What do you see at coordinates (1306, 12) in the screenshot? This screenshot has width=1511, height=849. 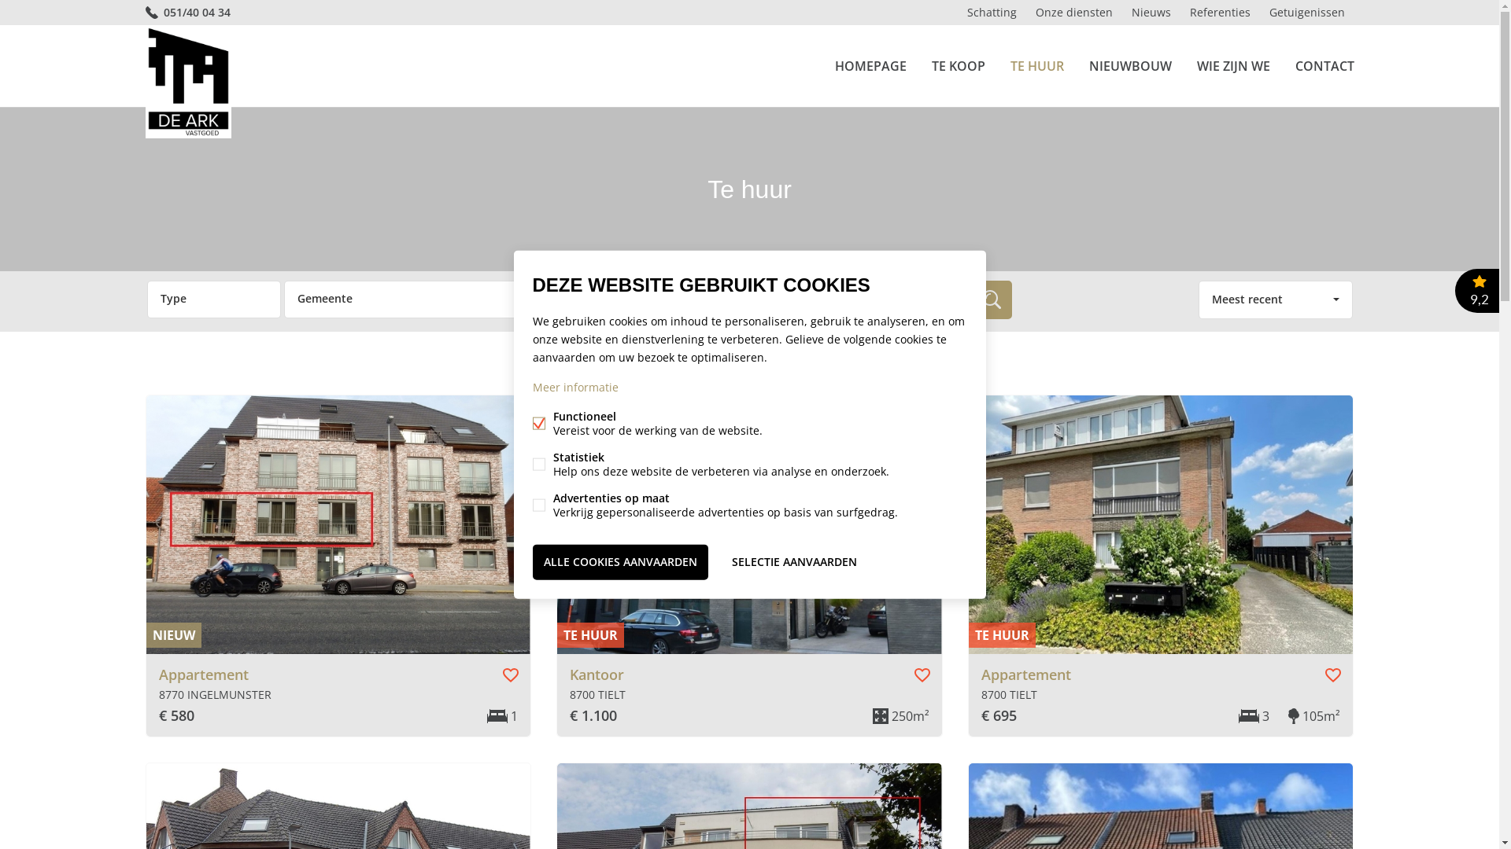 I see `'Getuigenissen'` at bounding box center [1306, 12].